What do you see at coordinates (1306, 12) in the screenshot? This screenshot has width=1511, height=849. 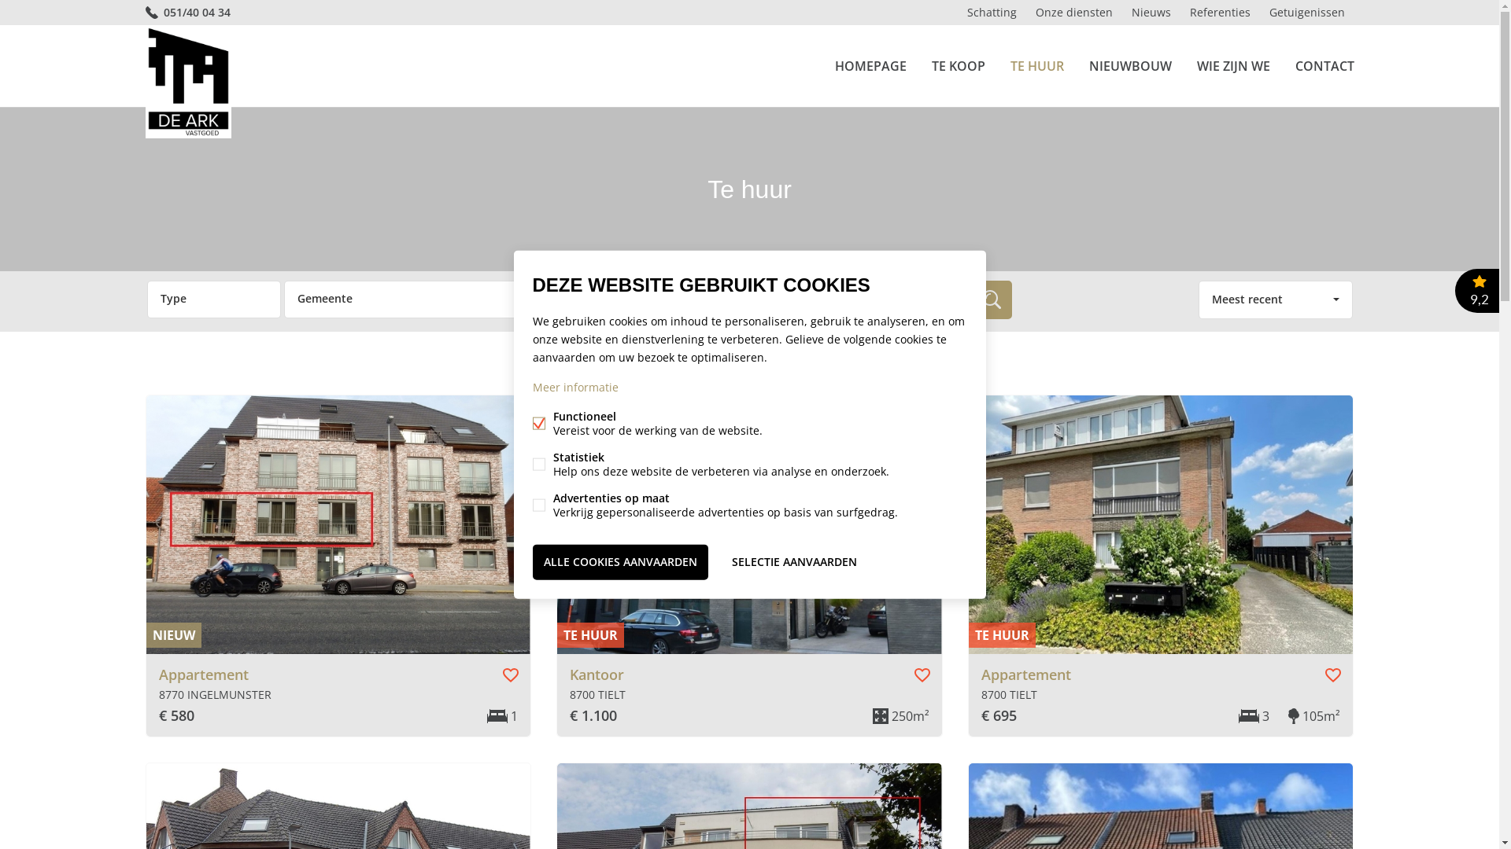 I see `'Getuigenissen'` at bounding box center [1306, 12].